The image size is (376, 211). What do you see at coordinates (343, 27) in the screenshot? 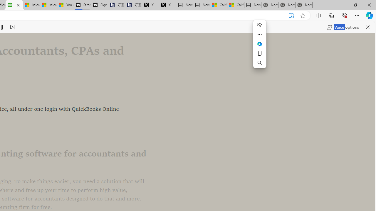
I see `'Voice options'` at bounding box center [343, 27].